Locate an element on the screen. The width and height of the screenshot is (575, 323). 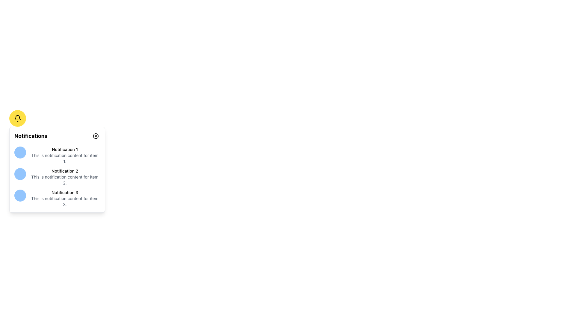
the close button located on the right side of the header bar labeled 'Notifications' is located at coordinates (96, 136).